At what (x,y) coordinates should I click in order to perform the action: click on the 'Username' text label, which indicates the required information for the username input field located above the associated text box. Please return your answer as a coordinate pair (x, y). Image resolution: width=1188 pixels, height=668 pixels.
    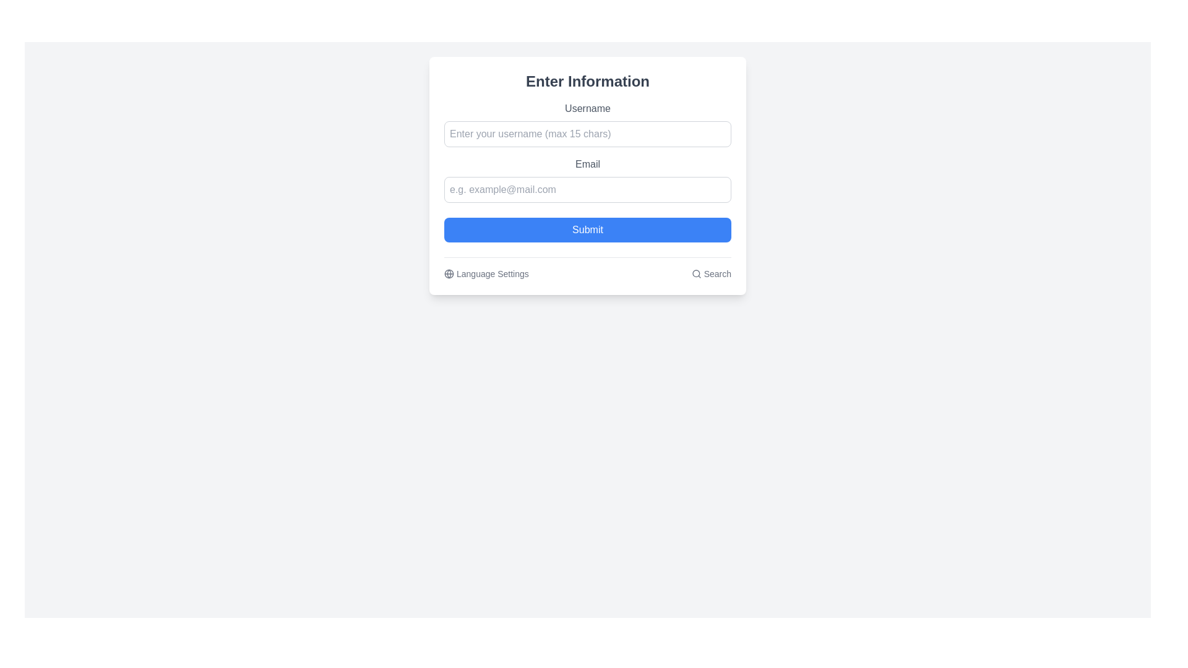
    Looking at the image, I should click on (587, 108).